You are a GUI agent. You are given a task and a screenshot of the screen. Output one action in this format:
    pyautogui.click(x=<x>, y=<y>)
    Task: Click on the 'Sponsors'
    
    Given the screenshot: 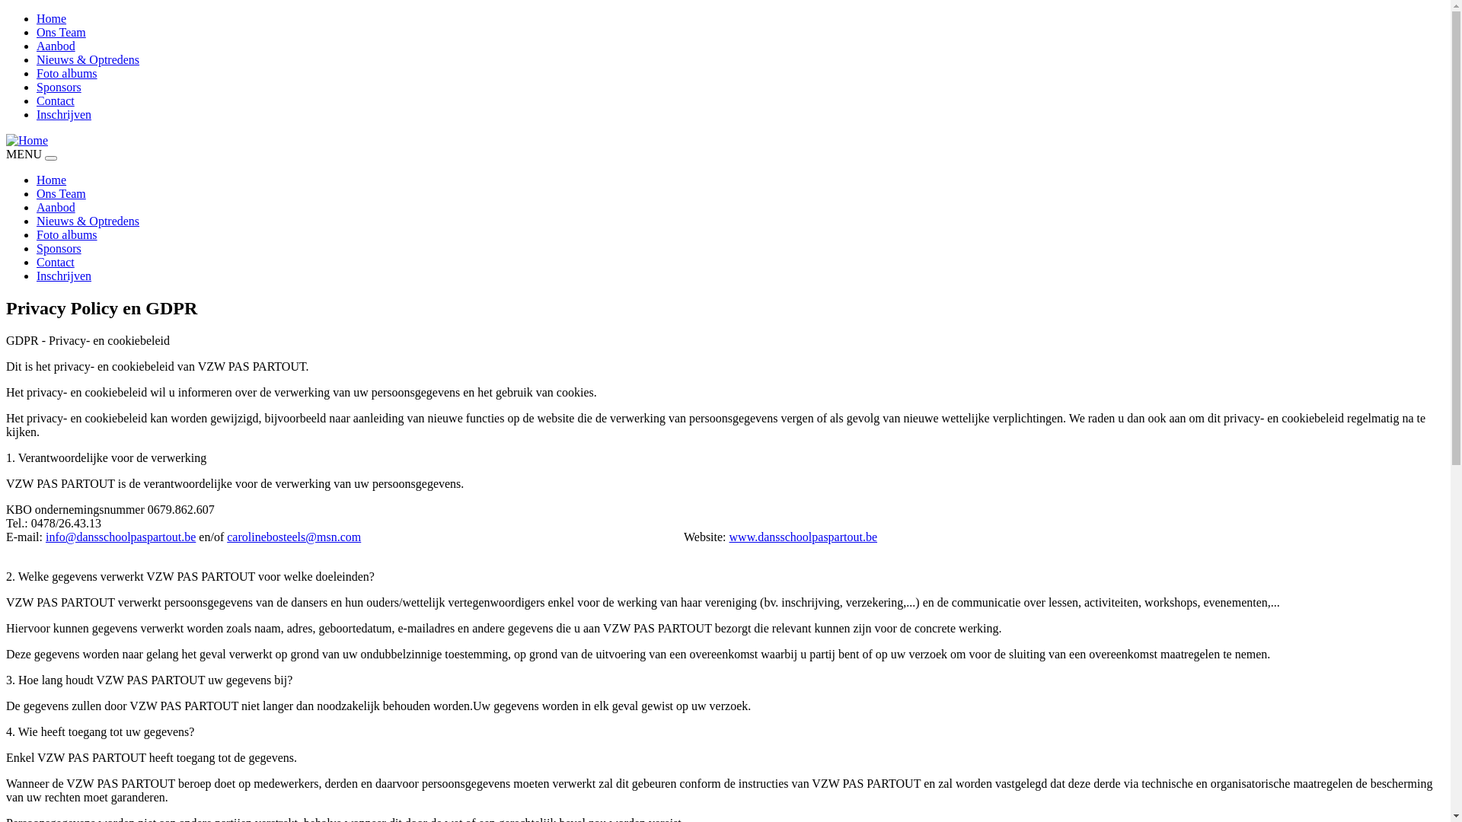 What is the action you would take?
    pyautogui.click(x=59, y=247)
    